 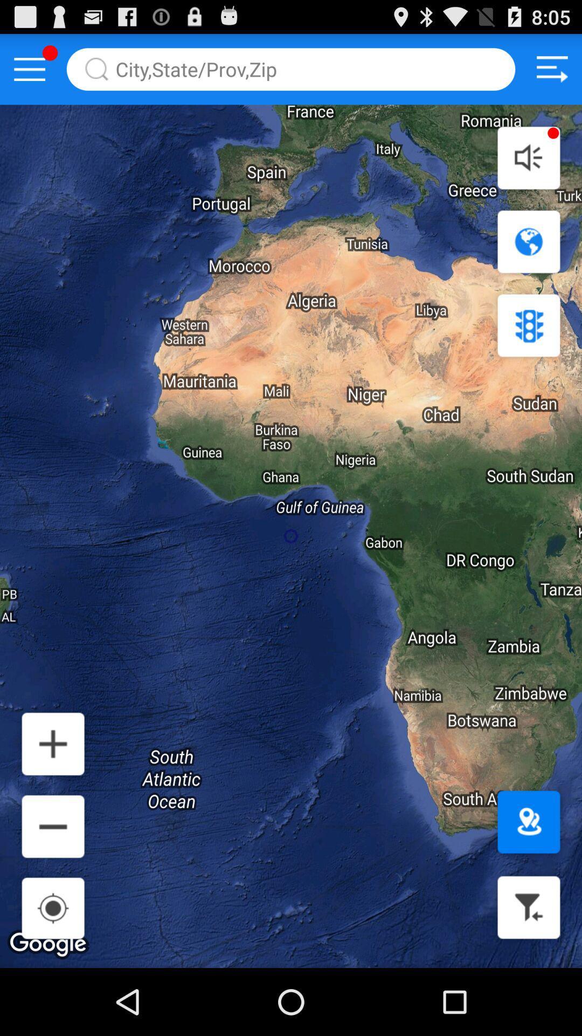 I want to click on set destination, so click(x=528, y=821).